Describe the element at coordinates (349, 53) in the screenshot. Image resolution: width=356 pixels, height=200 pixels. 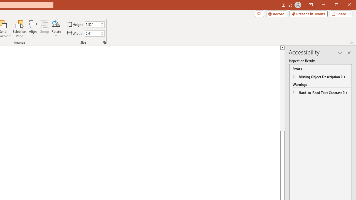
I see `'Close pane'` at that location.